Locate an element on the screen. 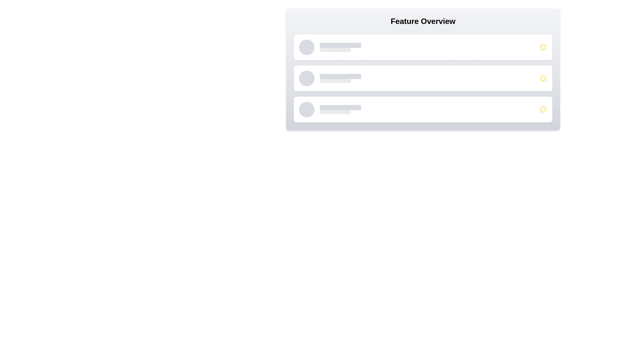 The width and height of the screenshot is (622, 350). the loading animation of the icon positioned at the far right of the third row, aligning horizontally with the two yellow circular icons in the first and second rows is located at coordinates (543, 109).